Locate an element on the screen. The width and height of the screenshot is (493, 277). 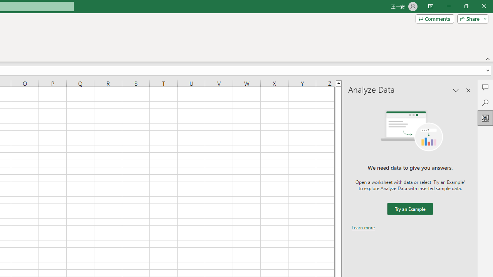
'Restore Down' is located at coordinates (466, 6).